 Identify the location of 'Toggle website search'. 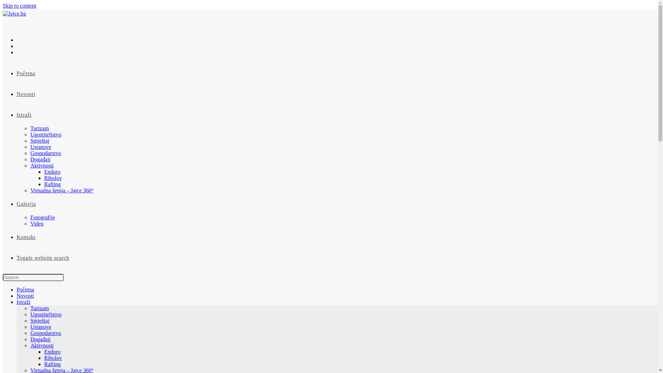
(17, 258).